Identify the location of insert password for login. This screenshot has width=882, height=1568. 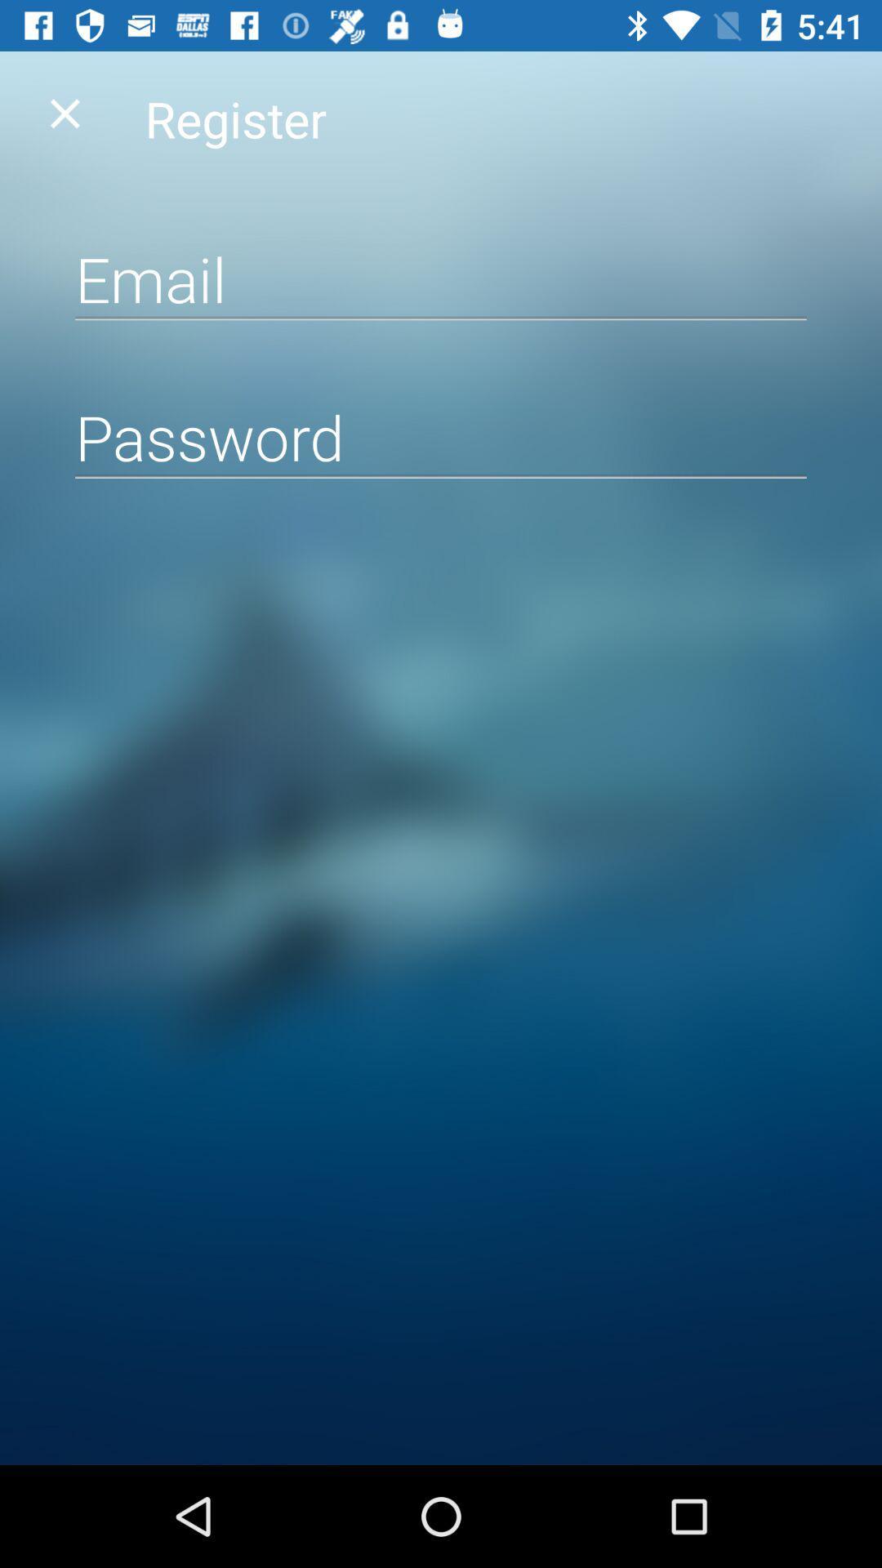
(441, 437).